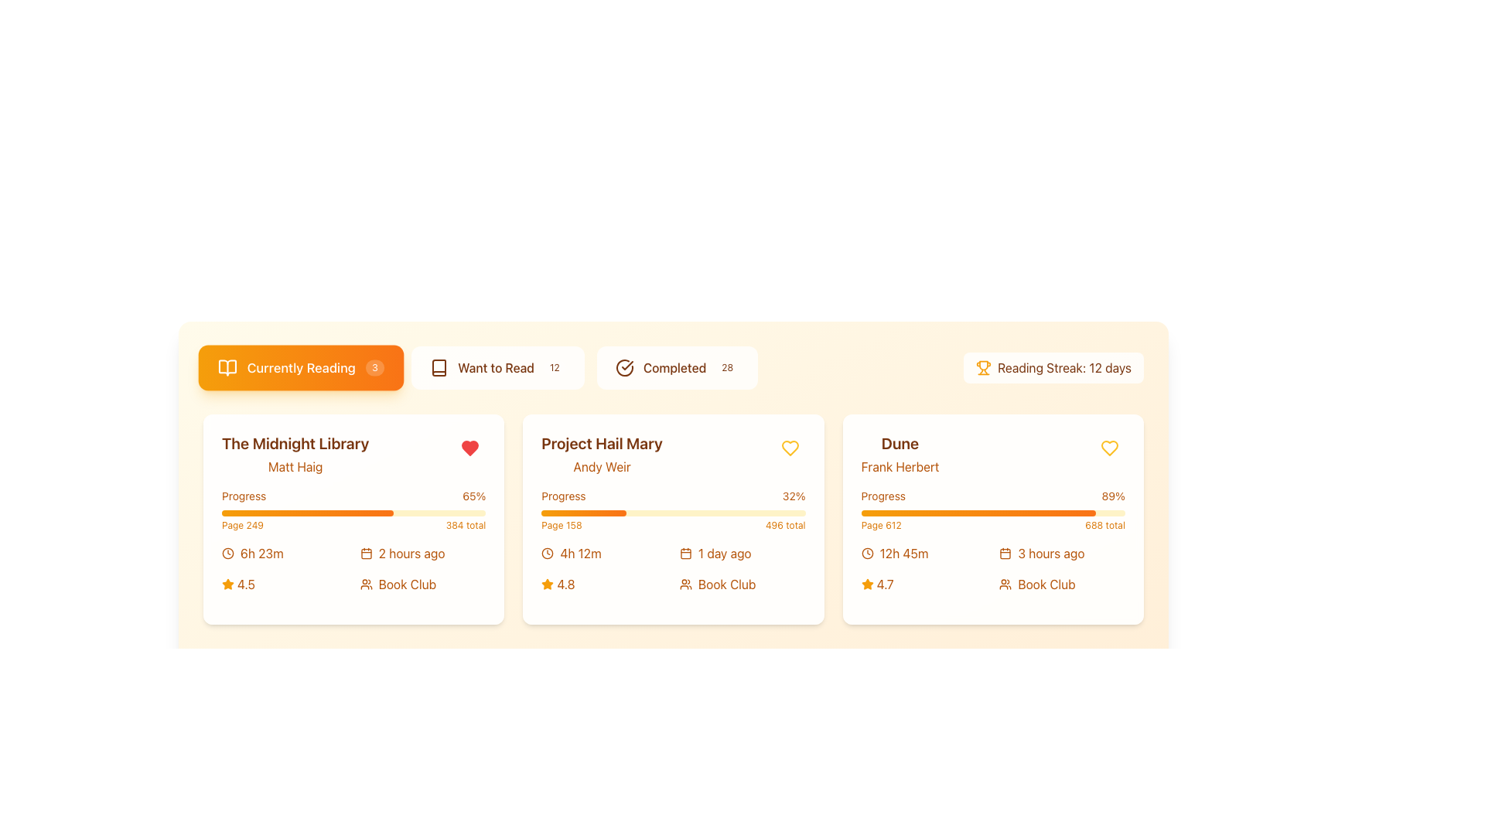 This screenshot has width=1485, height=835. I want to click on the progress bar that displays the reading progress for the book 'Project Hail Mary', located in the center of the card beneath the title and author name, so click(673, 510).